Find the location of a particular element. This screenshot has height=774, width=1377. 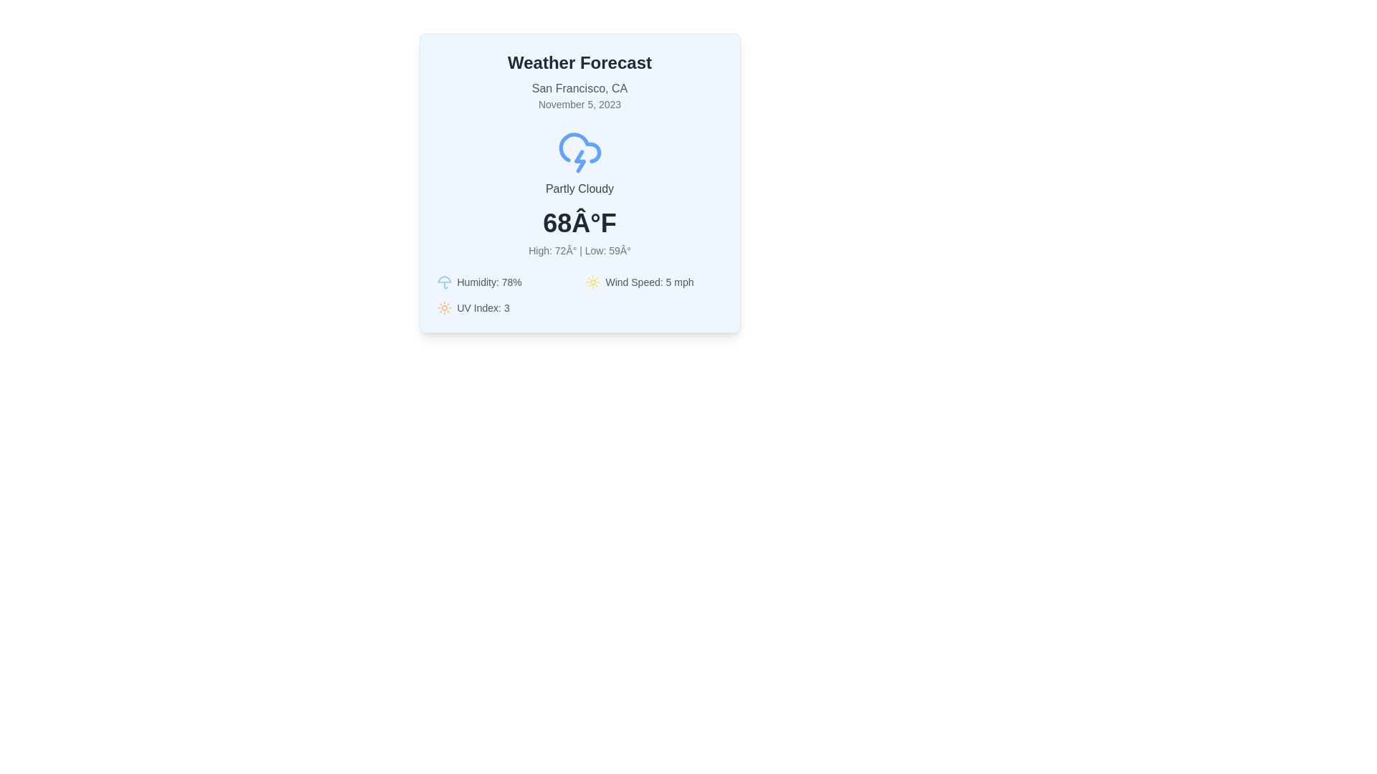

the stylized sun icon located to the left of the text 'UV Index: 3' in the bottom-left portion of the weather forecast card is located at coordinates (443, 307).